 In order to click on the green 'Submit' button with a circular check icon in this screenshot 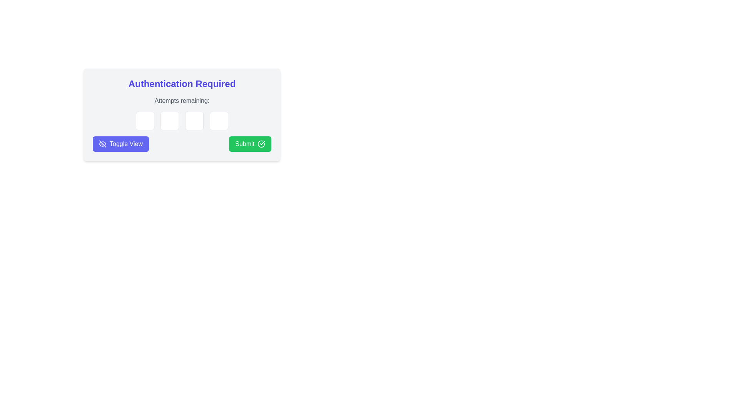, I will do `click(250, 144)`.